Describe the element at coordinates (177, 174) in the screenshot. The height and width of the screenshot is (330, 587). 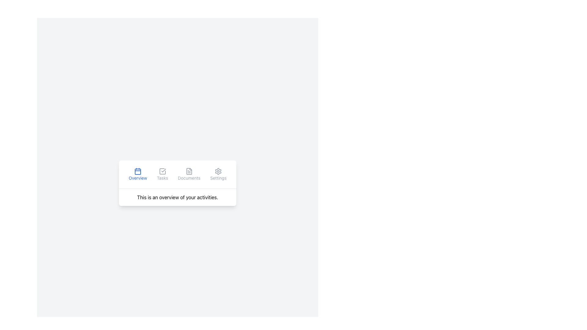
I see `the 'Documents' option in the Navigation Bar` at that location.